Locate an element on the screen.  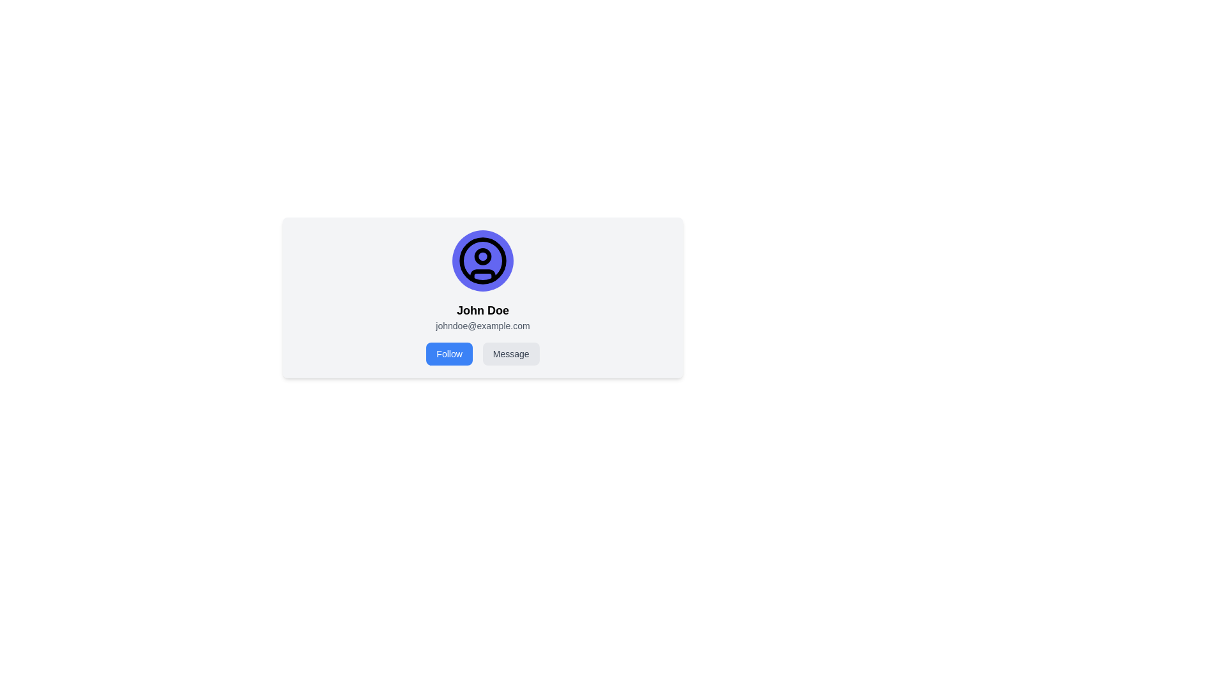
the circular user profile icon with a black stroke on a blue background, located at the top of the profile card above 'John Doe' and the email address is located at coordinates (482, 260).